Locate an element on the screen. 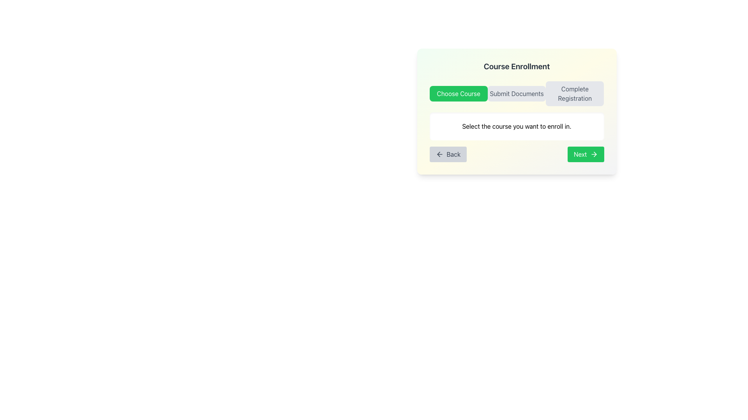 The width and height of the screenshot is (748, 420). the back navigation button located at the bottom-left of the 'Course Enrollment' form to activate hover effects is located at coordinates (448, 154).